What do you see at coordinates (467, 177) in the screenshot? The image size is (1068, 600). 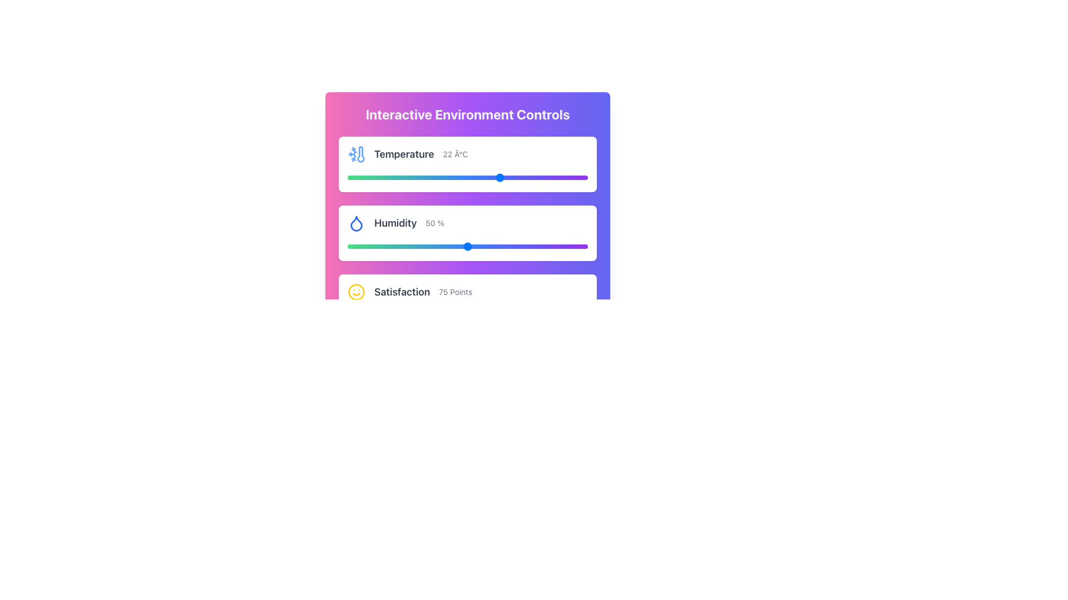 I see `the temperature slider bar labeled 'Temperature 22 °C' to set the slider handle to the clicked position` at bounding box center [467, 177].